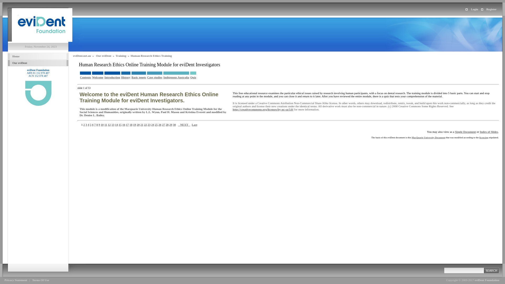 The width and height of the screenshot is (505, 284). What do you see at coordinates (154, 77) in the screenshot?
I see `'Case studies'` at bounding box center [154, 77].